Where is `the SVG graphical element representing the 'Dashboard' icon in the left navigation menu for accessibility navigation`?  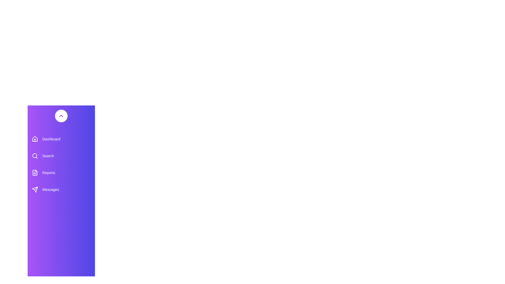 the SVG graphical element representing the 'Dashboard' icon in the left navigation menu for accessibility navigation is located at coordinates (35, 139).